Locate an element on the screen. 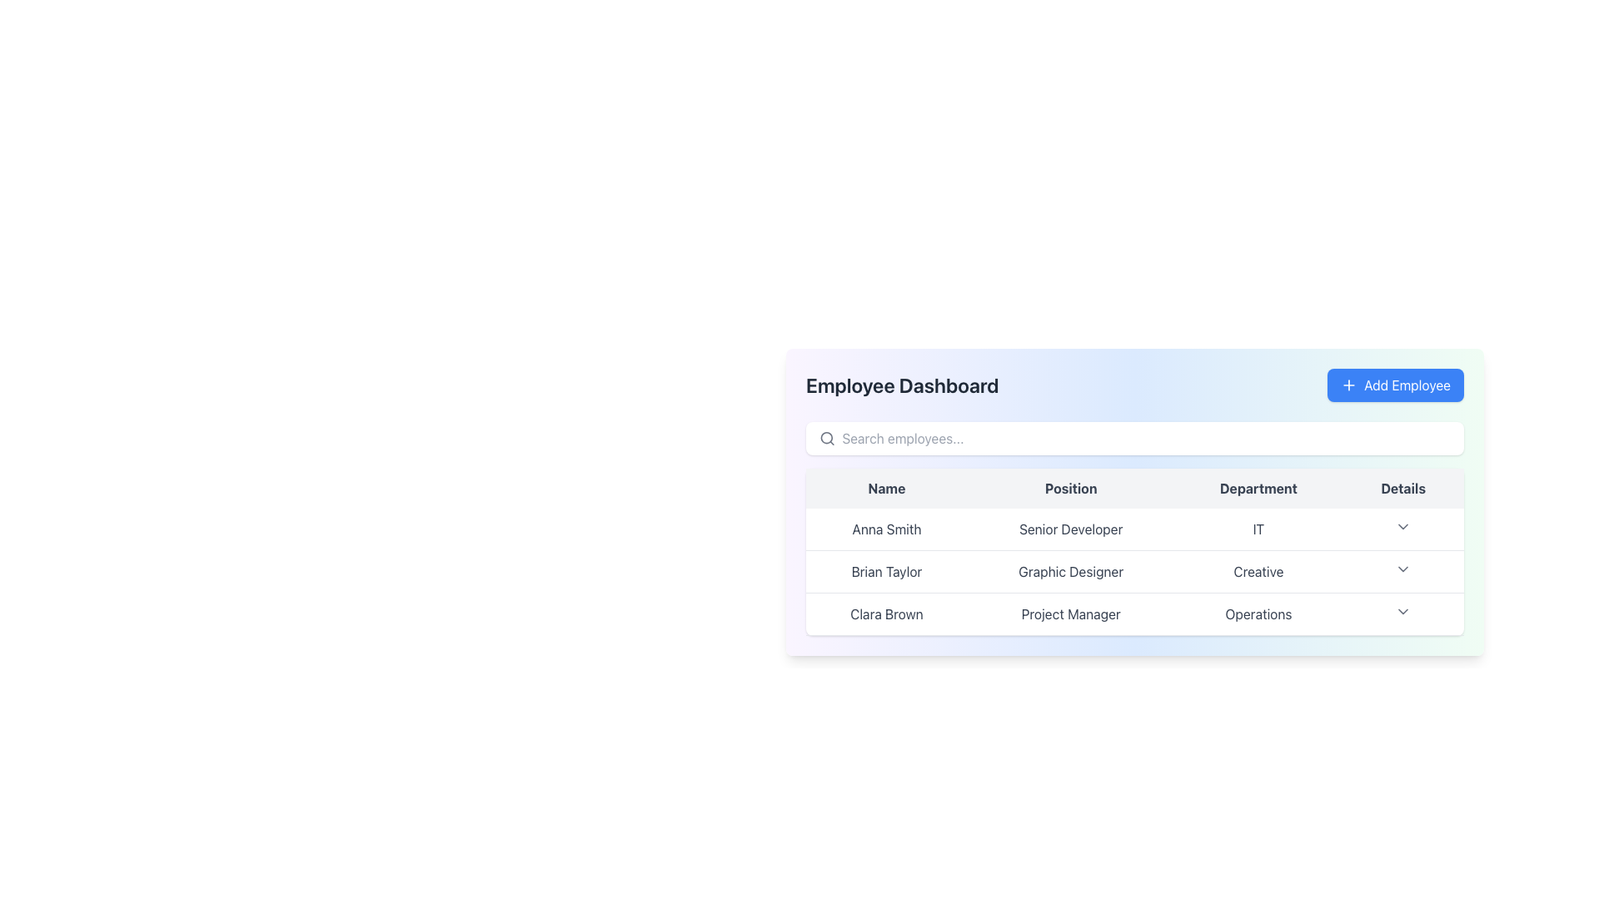  the text label 'Details' which is the fourth header in the table, styled in bold and dark color, positioned at the right end of the table header row is located at coordinates (1402, 487).